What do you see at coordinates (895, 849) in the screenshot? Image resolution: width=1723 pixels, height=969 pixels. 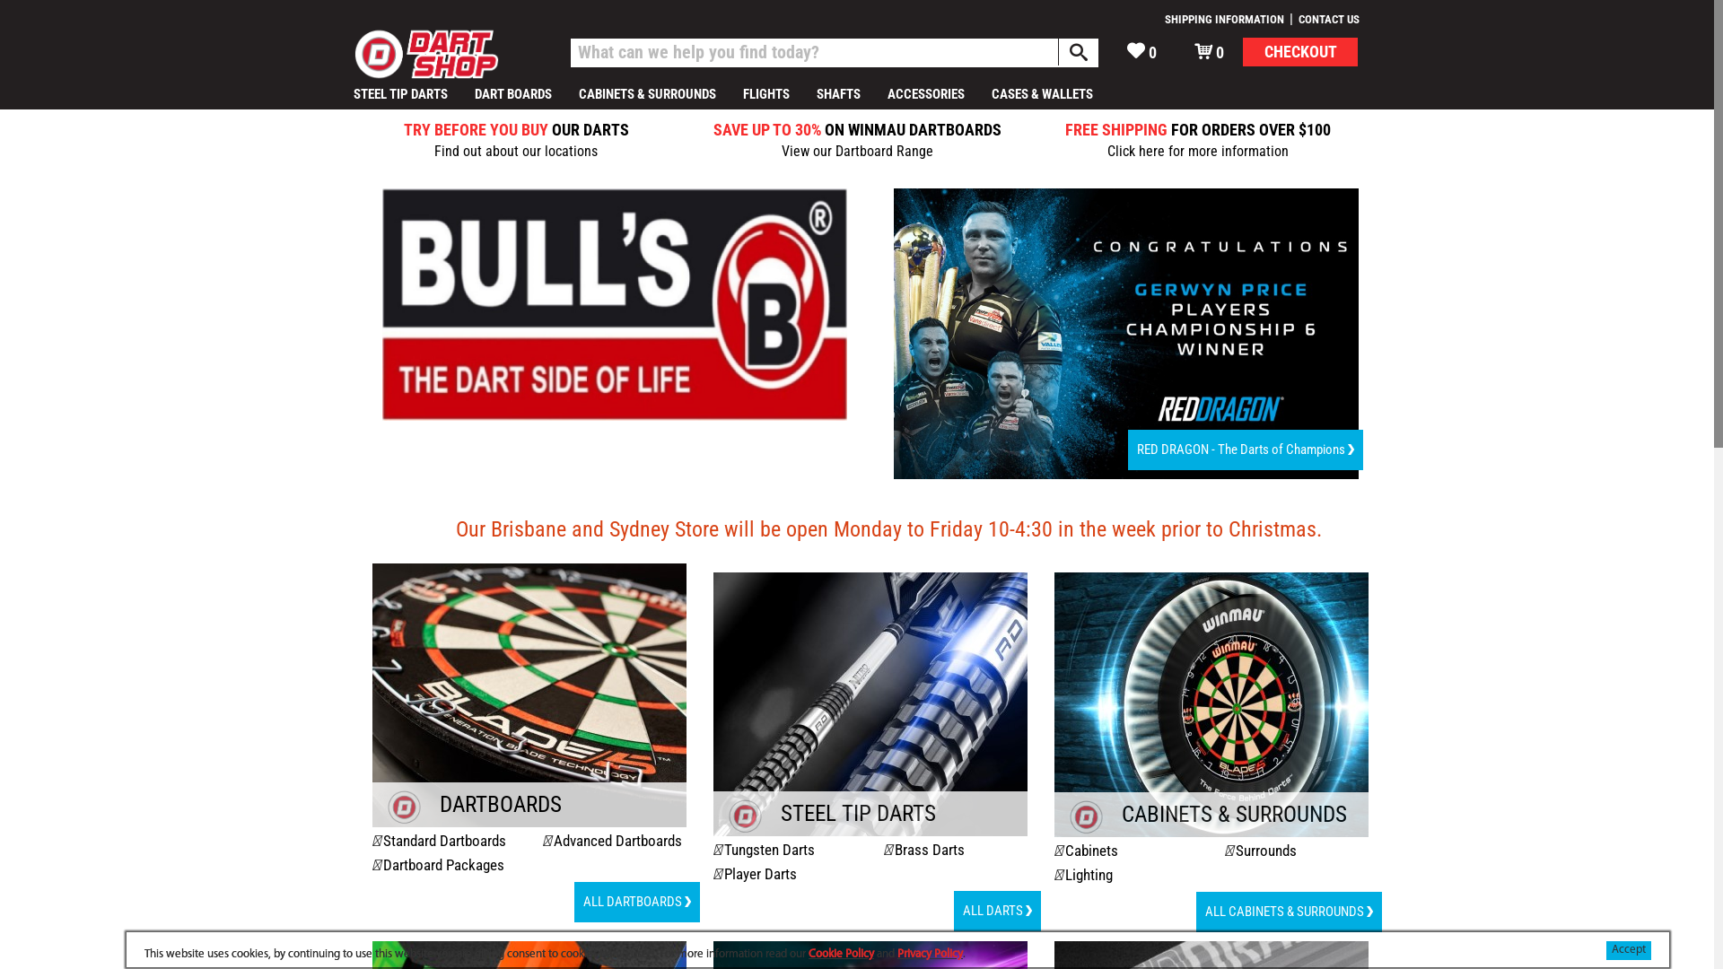 I see `'Brass Darts'` at bounding box center [895, 849].